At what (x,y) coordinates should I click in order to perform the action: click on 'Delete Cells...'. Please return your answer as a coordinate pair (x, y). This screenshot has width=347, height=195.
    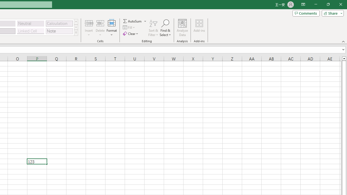
    Looking at the image, I should click on (100, 23).